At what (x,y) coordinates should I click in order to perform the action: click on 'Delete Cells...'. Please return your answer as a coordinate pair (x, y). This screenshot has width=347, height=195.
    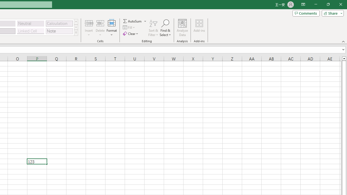
    Looking at the image, I should click on (100, 23).